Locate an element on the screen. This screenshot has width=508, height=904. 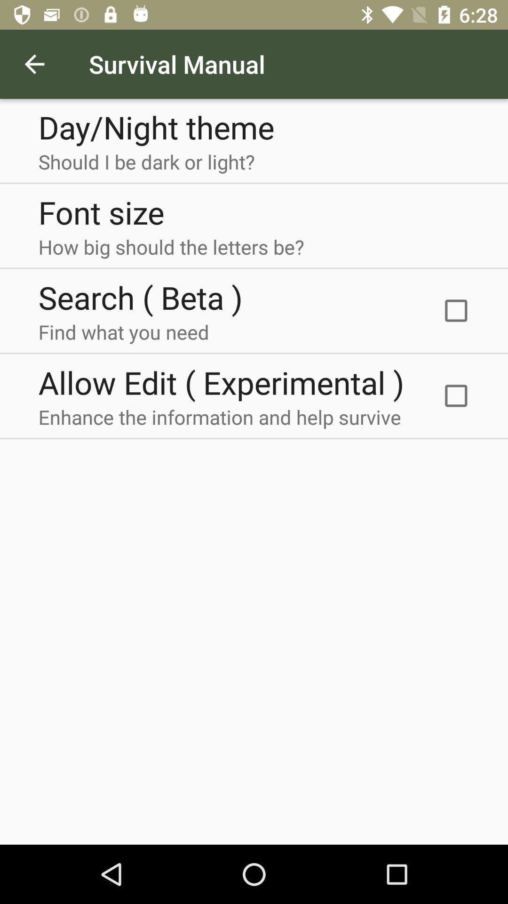
icon above day/night theme icon is located at coordinates (34, 64).